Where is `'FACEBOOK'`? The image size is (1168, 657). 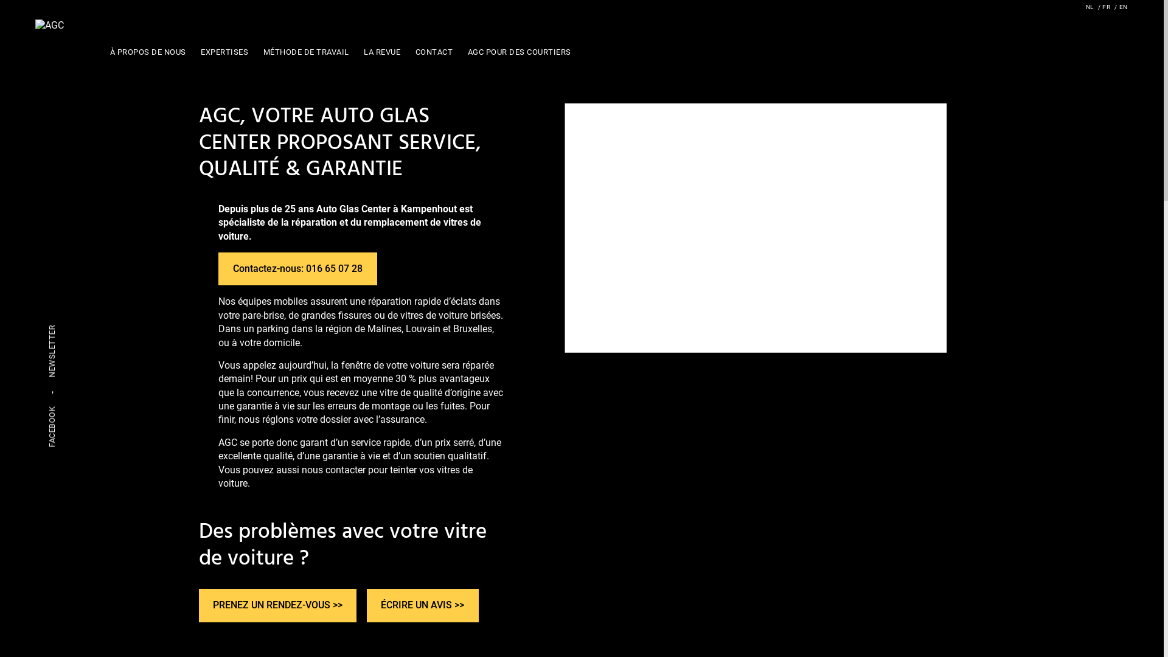
'FACEBOOK' is located at coordinates (51, 426).